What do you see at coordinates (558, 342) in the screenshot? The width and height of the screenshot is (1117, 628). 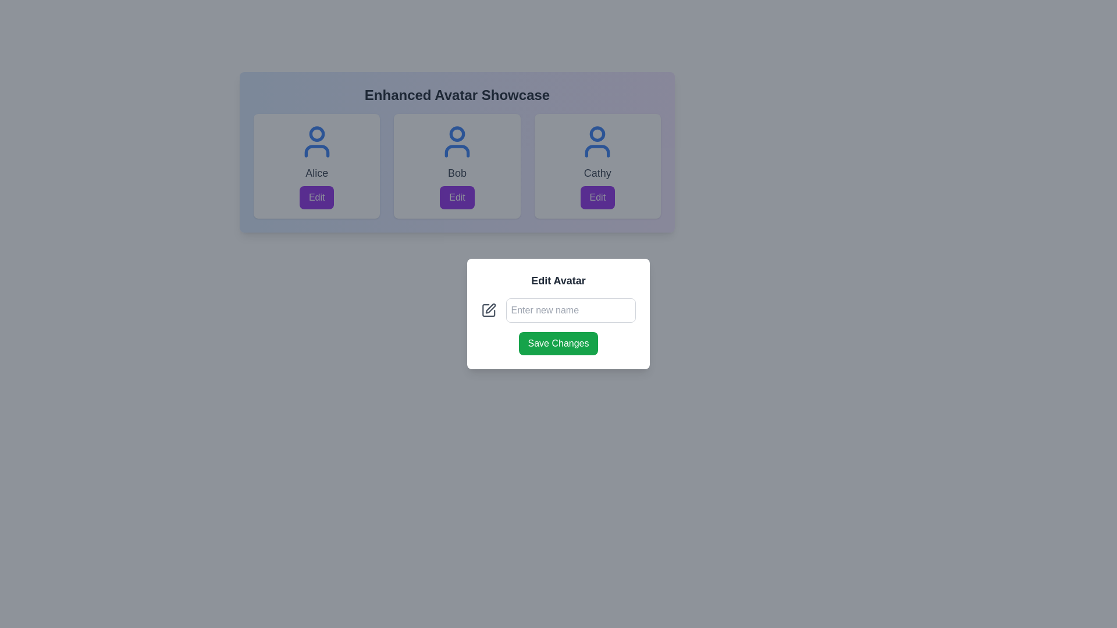 I see `the save button located below the 'Enter new name' input field in the modal dialog` at bounding box center [558, 342].